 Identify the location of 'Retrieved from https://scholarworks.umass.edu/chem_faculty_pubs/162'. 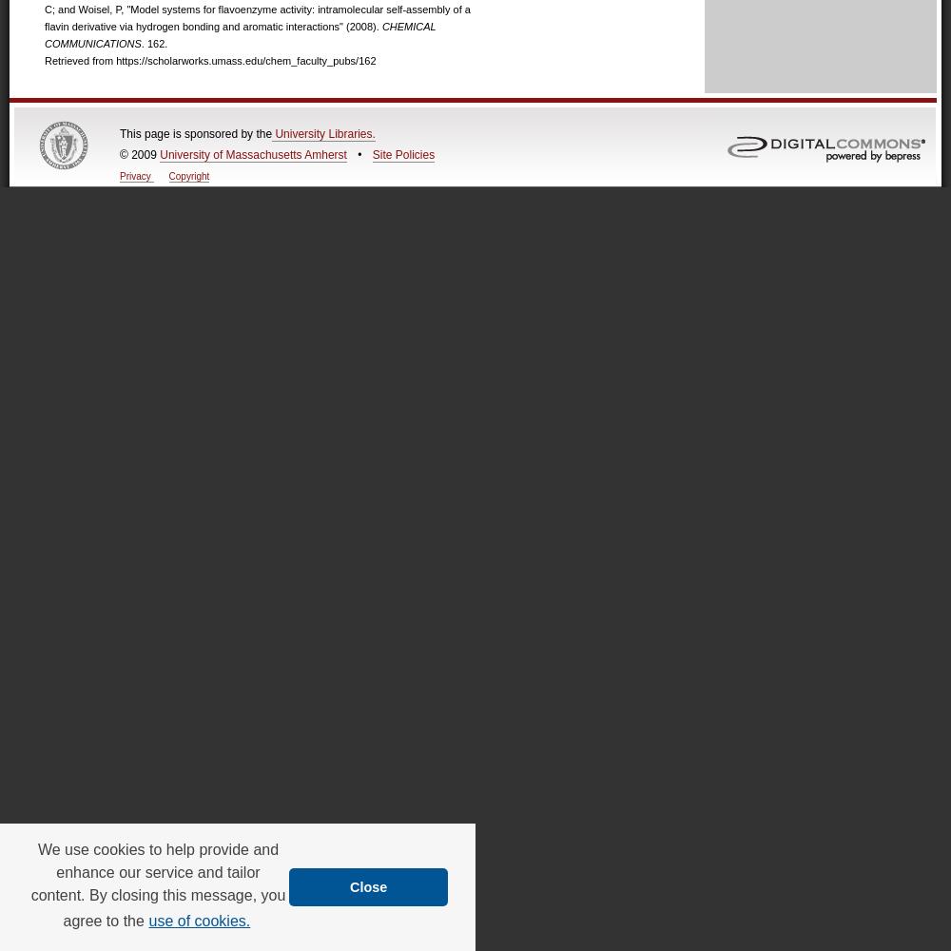
(209, 60).